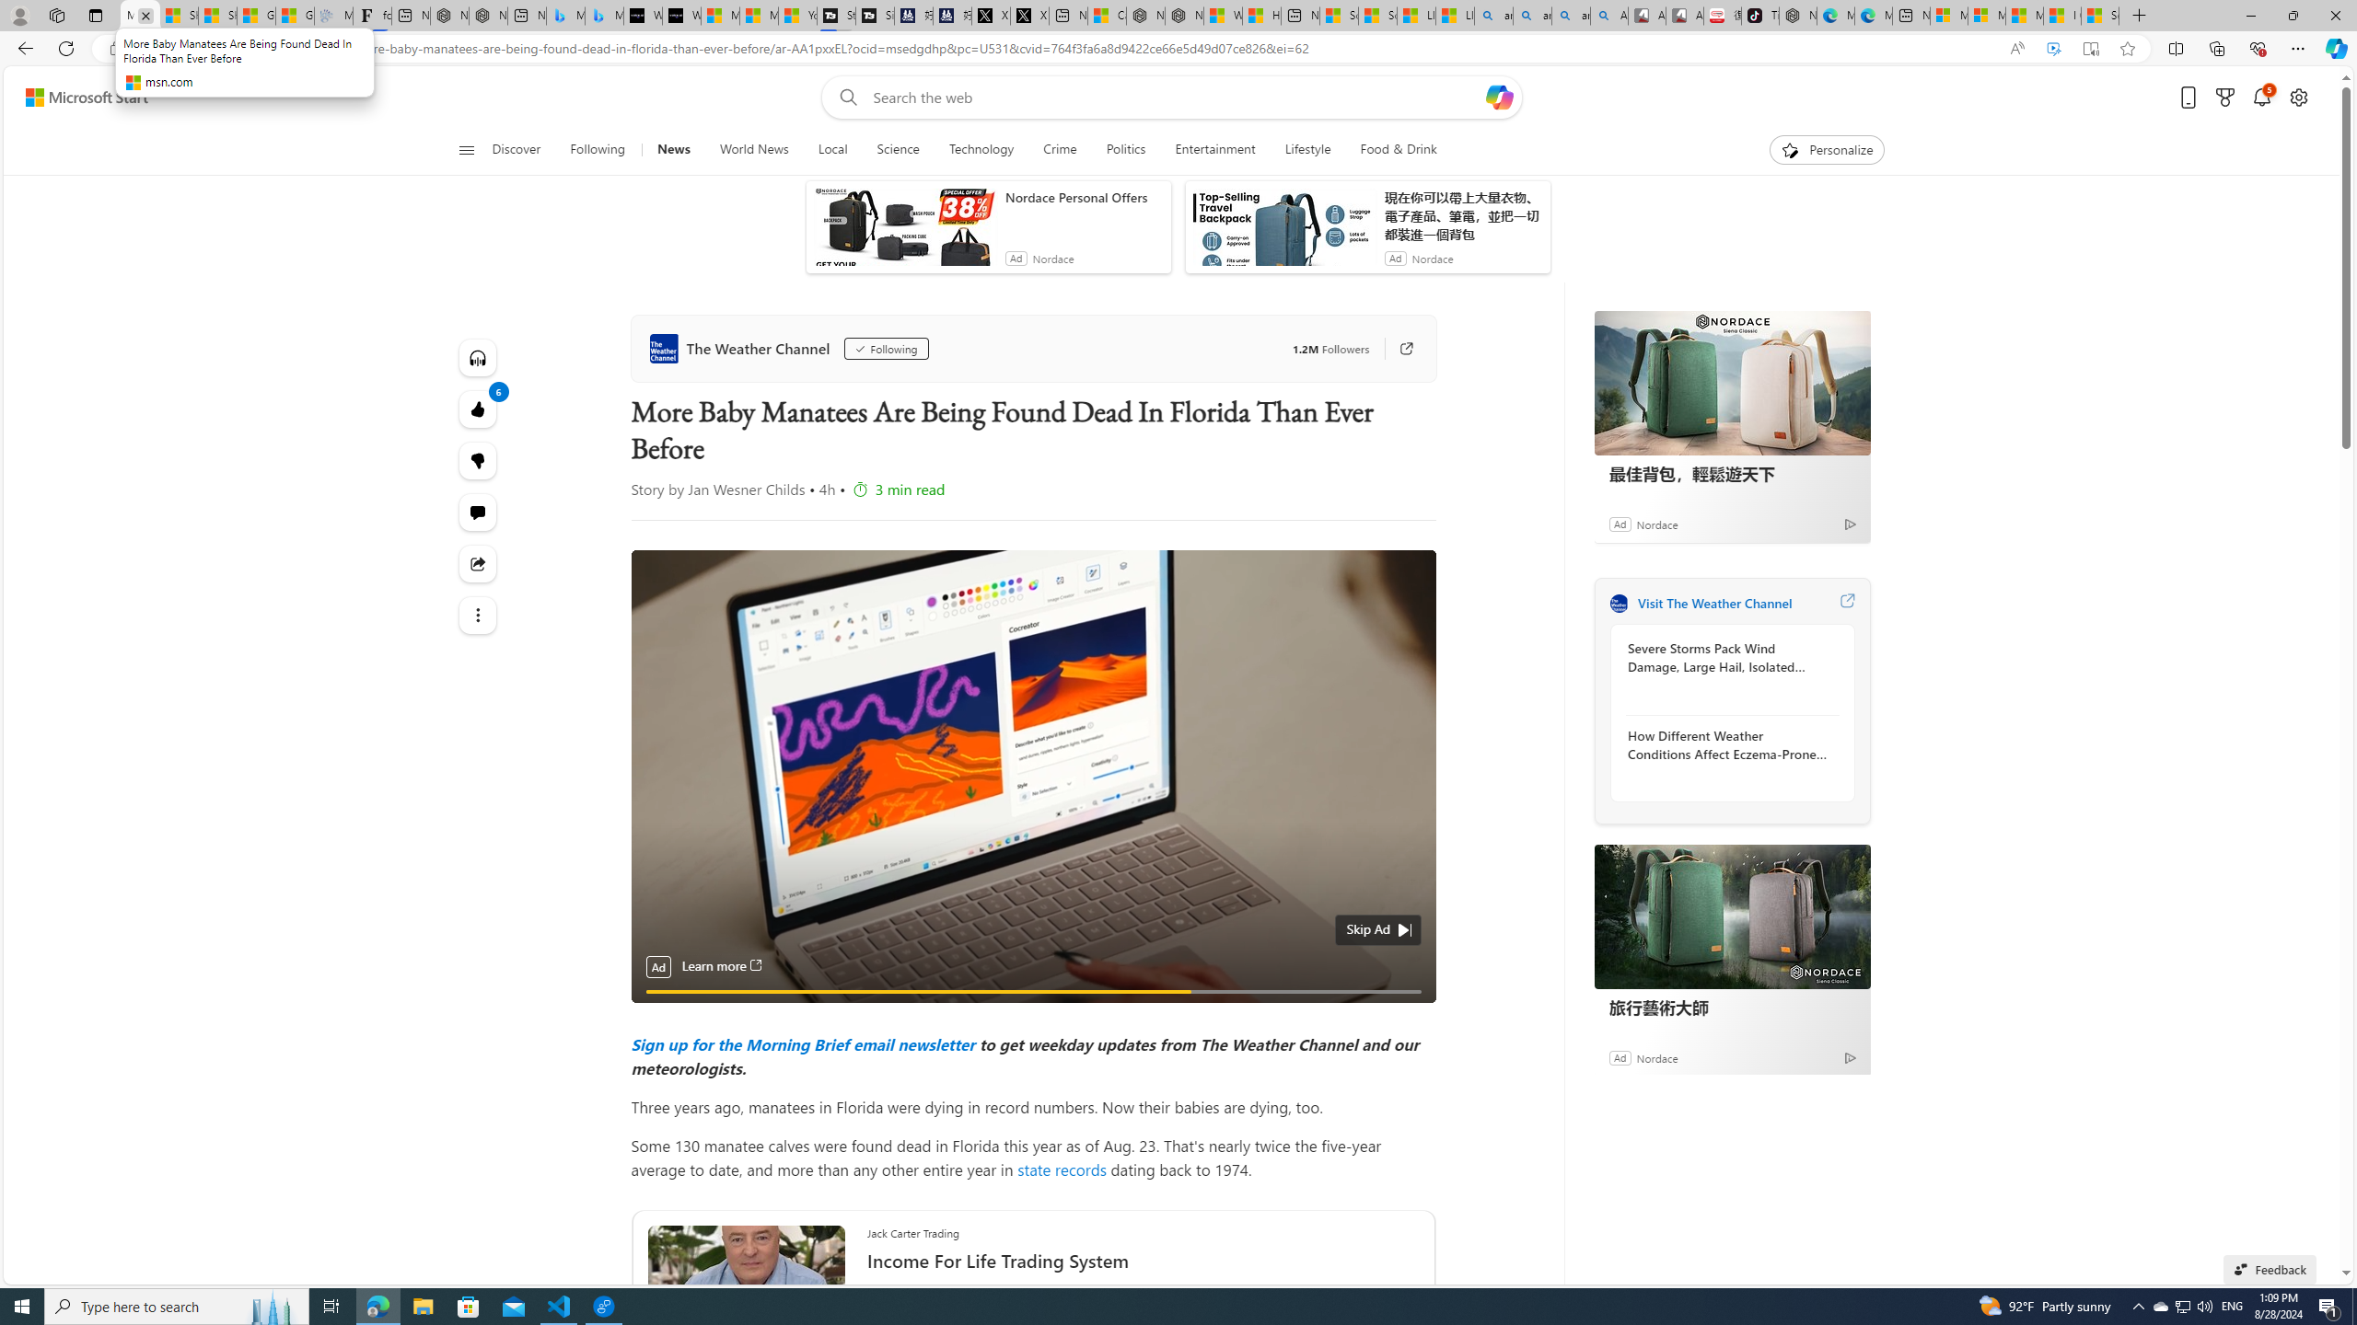 The width and height of the screenshot is (2357, 1325). What do you see at coordinates (477, 461) in the screenshot?
I see `'More like this6Fewer like thisStart the conversation'` at bounding box center [477, 461].